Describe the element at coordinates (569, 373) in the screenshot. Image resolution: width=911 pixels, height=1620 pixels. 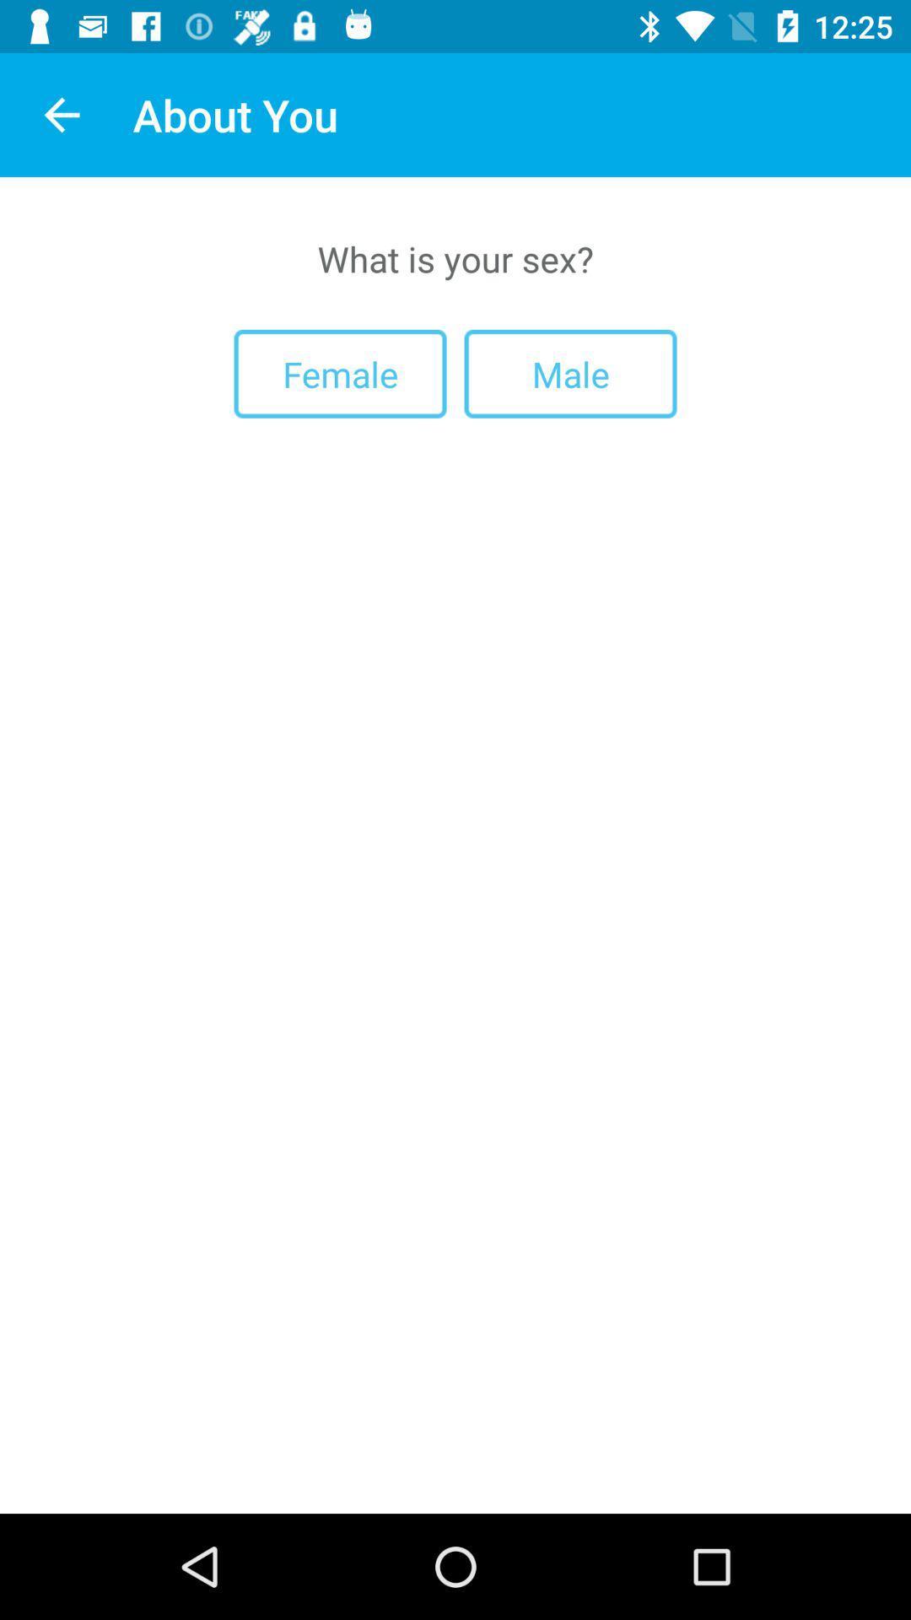
I see `item below the what is your` at that location.